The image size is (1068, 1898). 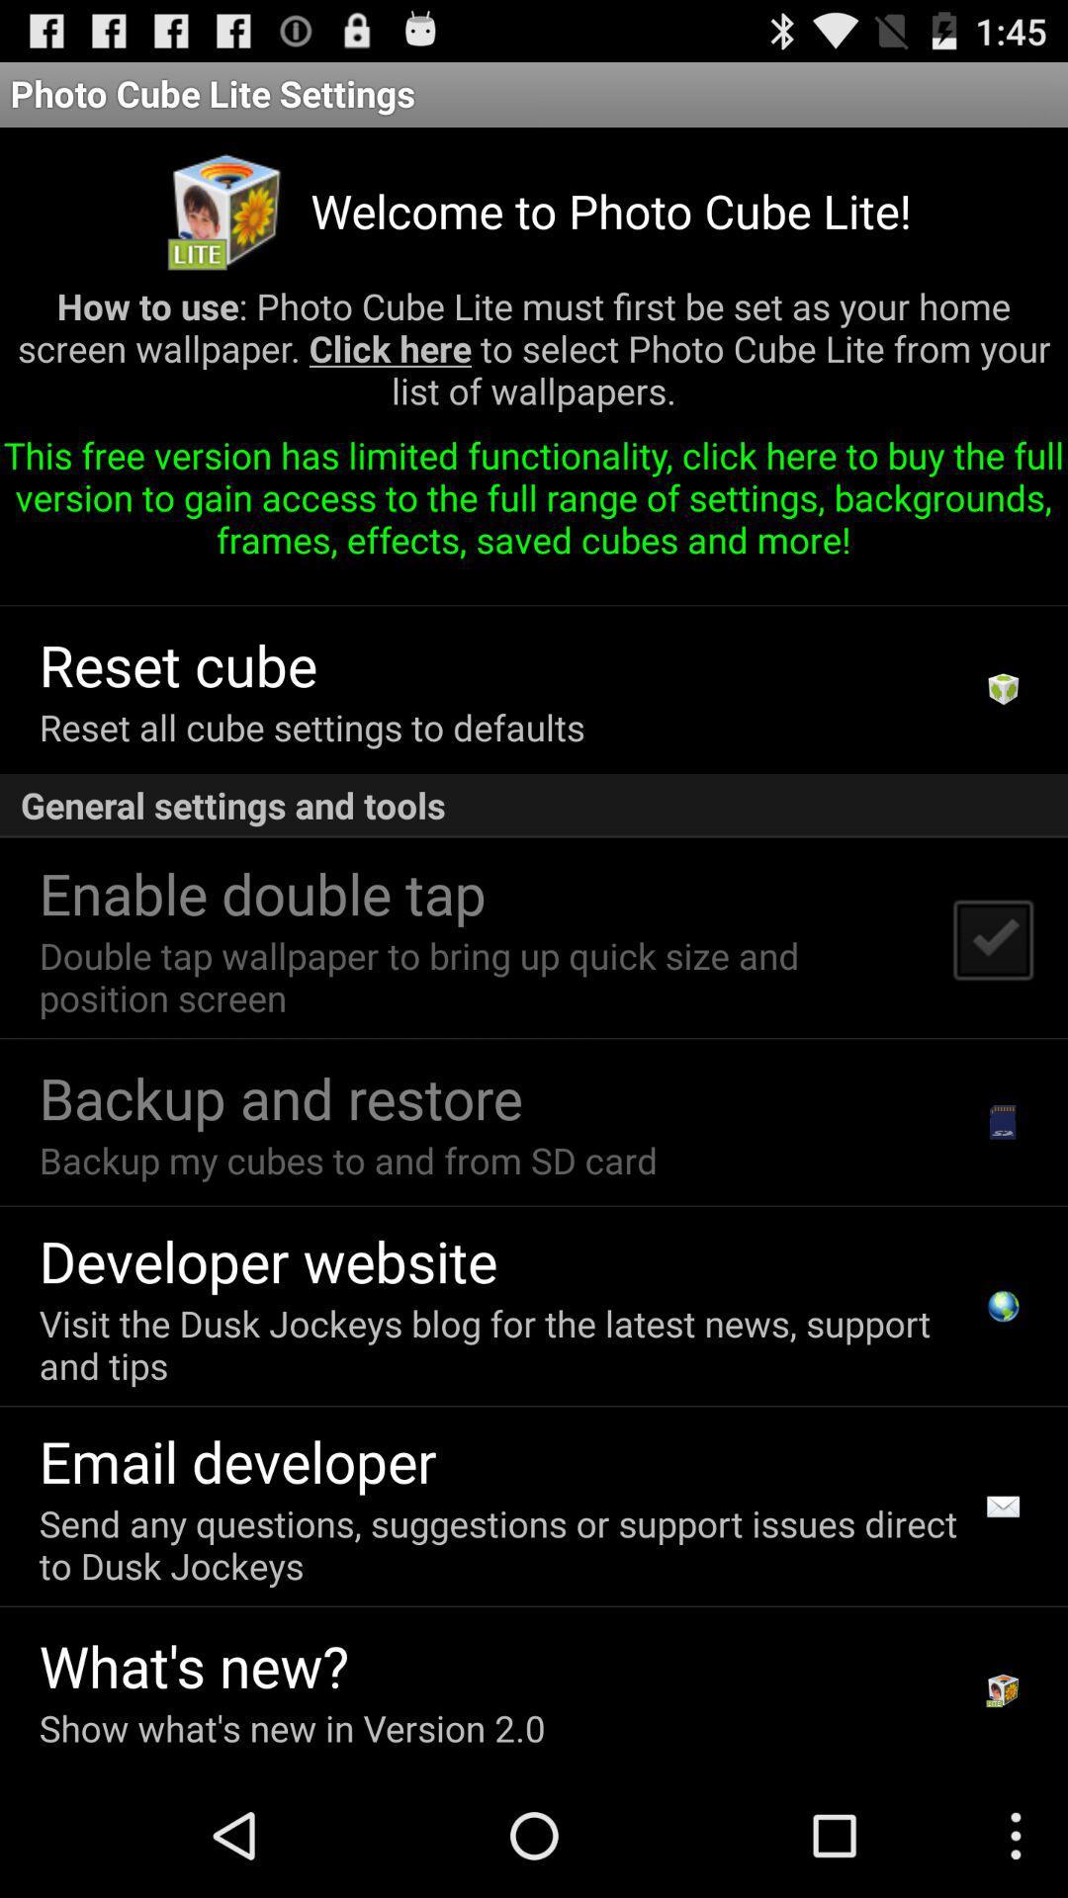 What do you see at coordinates (992, 937) in the screenshot?
I see `app next to double tap wallpaper app` at bounding box center [992, 937].